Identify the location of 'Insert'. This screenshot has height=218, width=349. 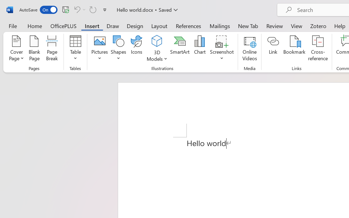
(92, 26).